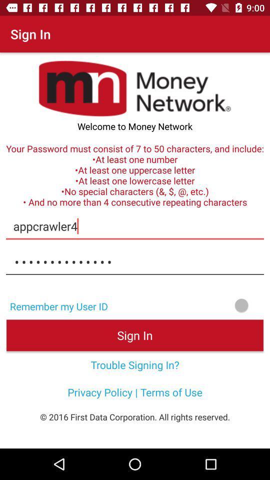 The image size is (270, 480). Describe the element at coordinates (192, 304) in the screenshot. I see `the item next to remember my user item` at that location.